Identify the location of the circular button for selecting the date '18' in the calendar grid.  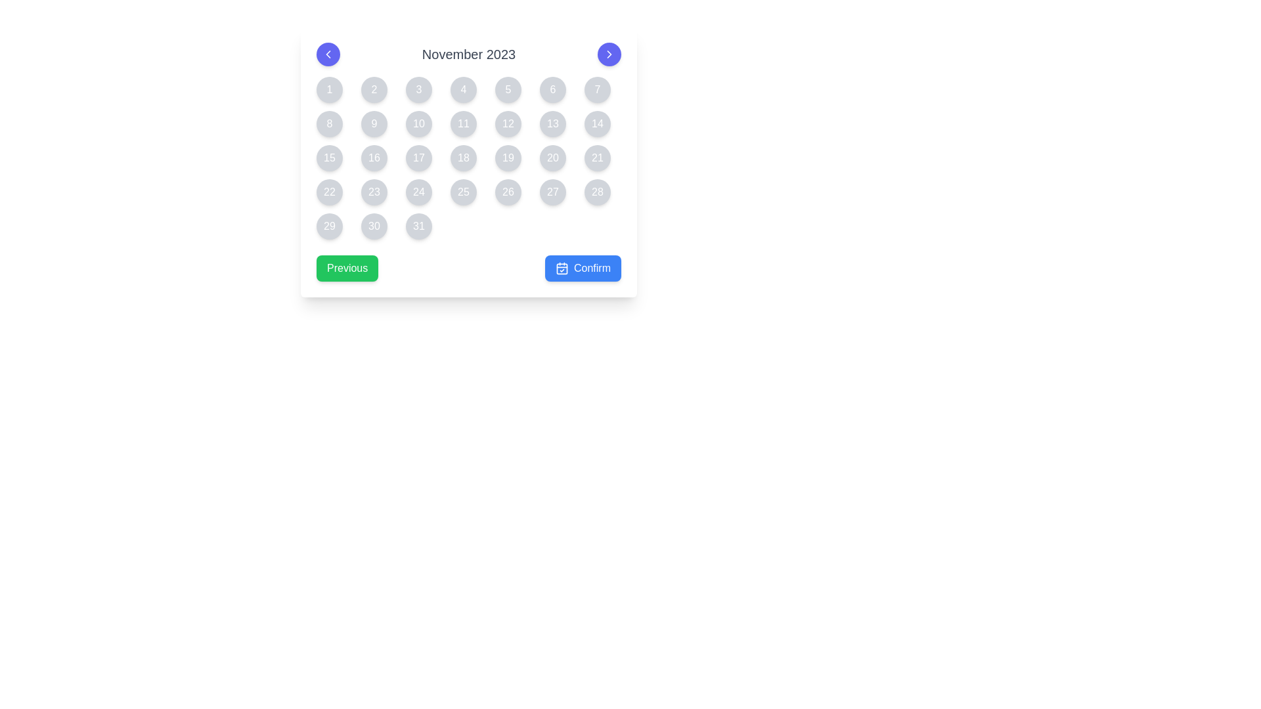
(469, 157).